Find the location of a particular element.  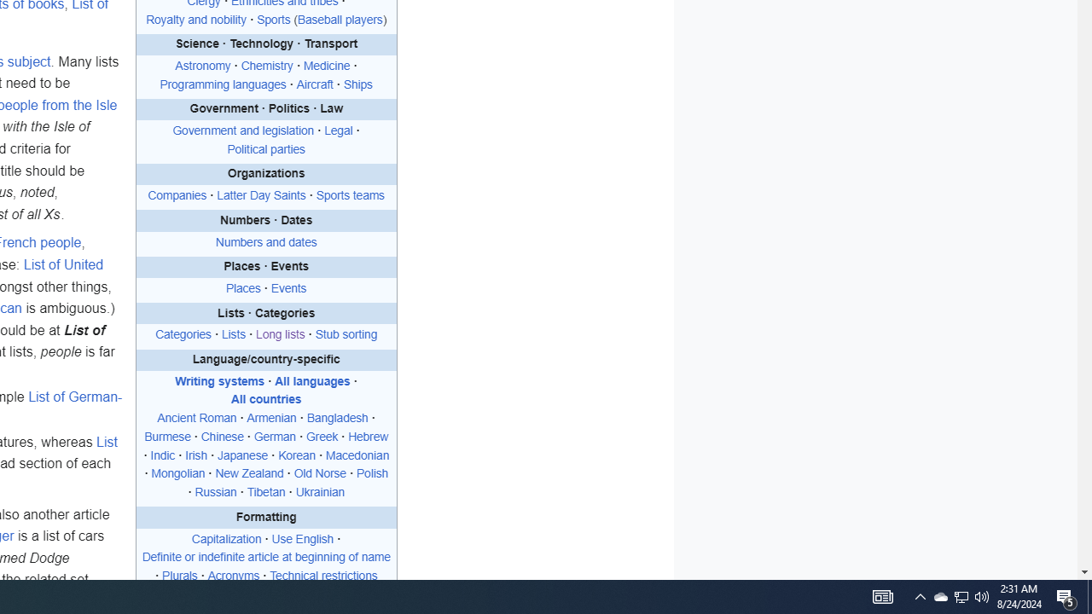

'All languages' is located at coordinates (312, 380).